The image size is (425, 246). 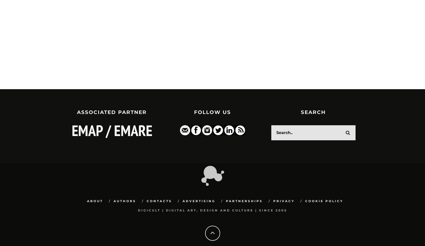 What do you see at coordinates (94, 201) in the screenshot?
I see `'About'` at bounding box center [94, 201].